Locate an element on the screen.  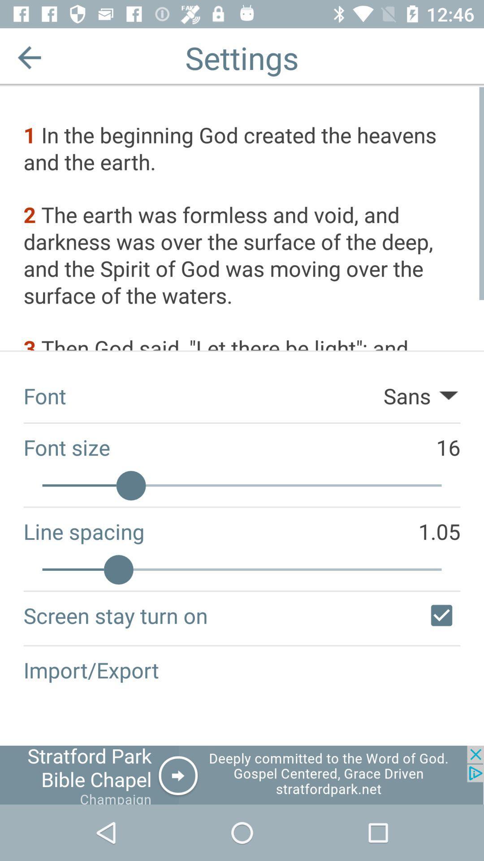
exit settings page is located at coordinates (29, 57).